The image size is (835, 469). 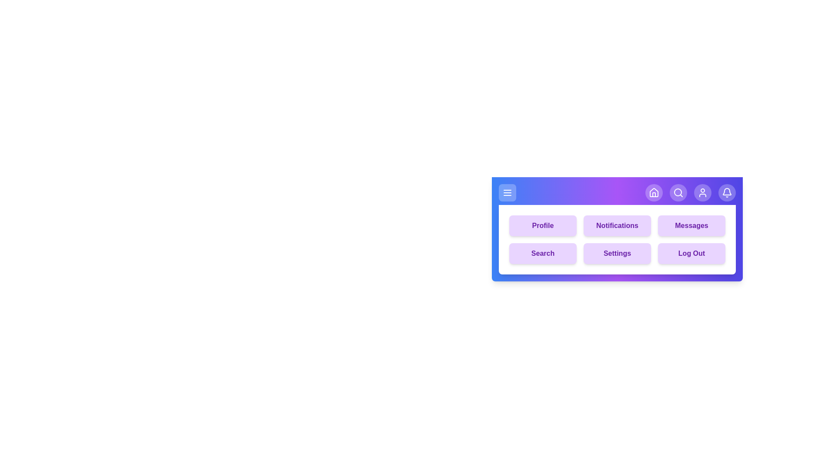 What do you see at coordinates (703, 192) in the screenshot?
I see `the user icon in the navigation bar` at bounding box center [703, 192].